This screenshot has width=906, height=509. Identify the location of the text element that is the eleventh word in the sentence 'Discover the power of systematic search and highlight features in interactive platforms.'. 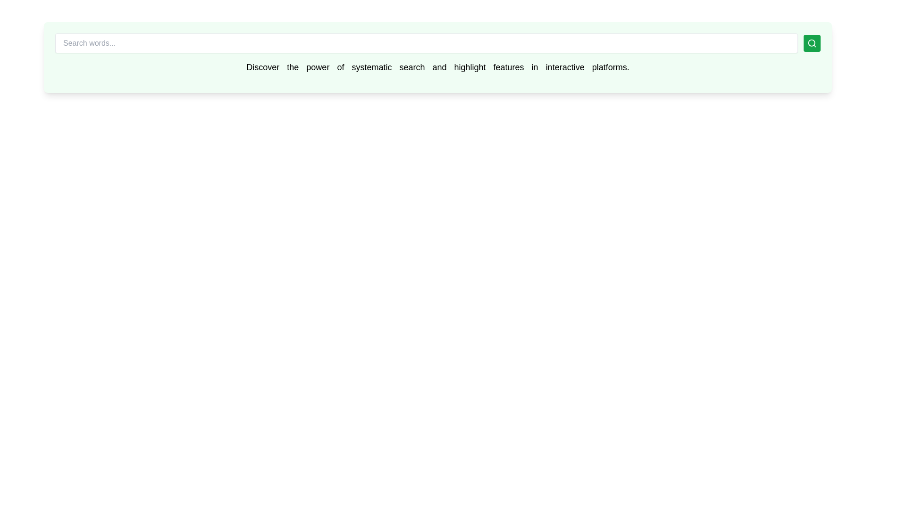
(565, 66).